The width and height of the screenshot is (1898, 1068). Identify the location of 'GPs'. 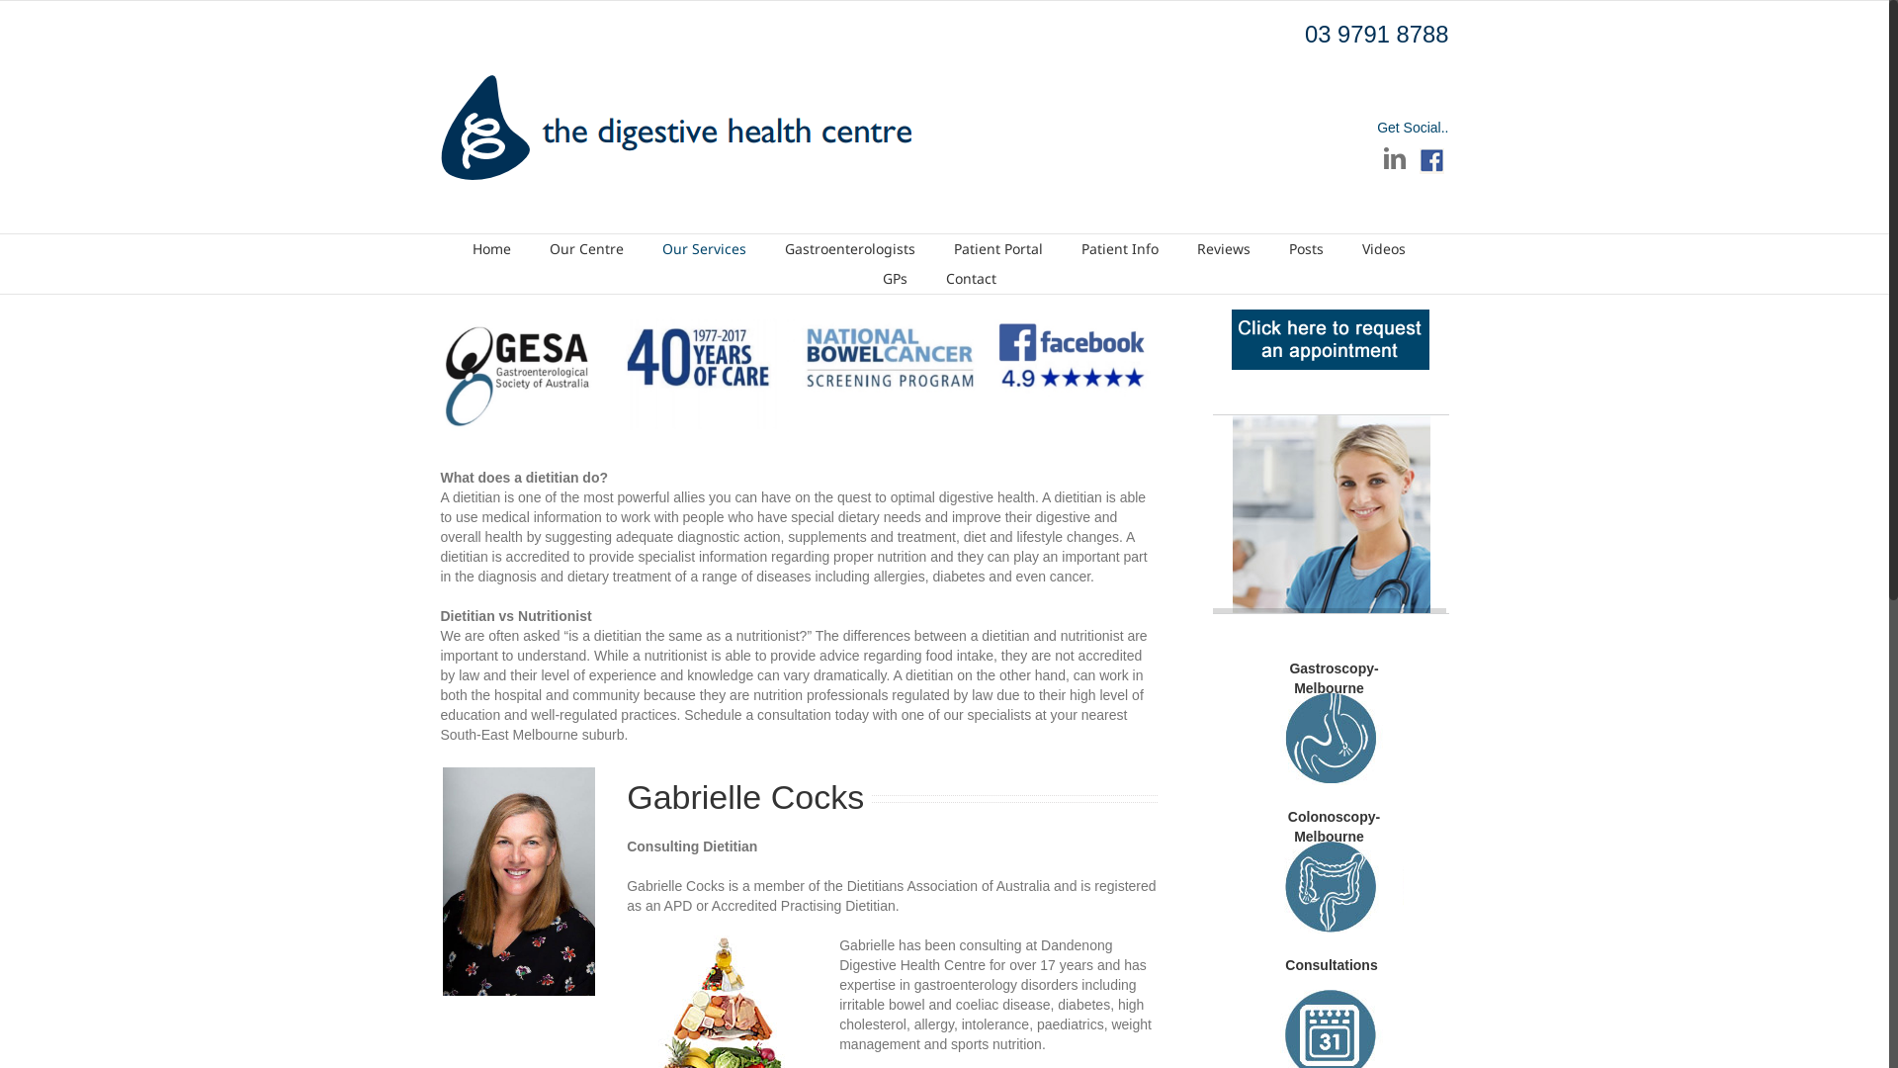
(893, 278).